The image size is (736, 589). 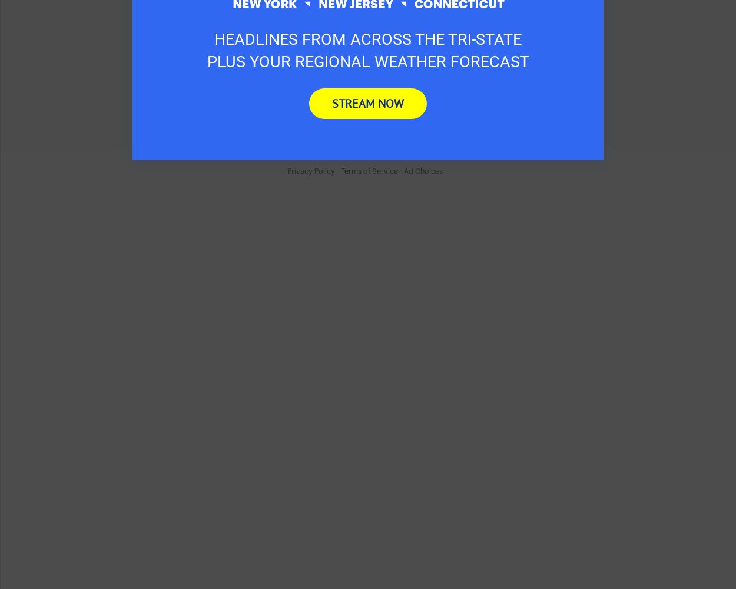 I want to click on 'Altice USA', so click(x=243, y=66).